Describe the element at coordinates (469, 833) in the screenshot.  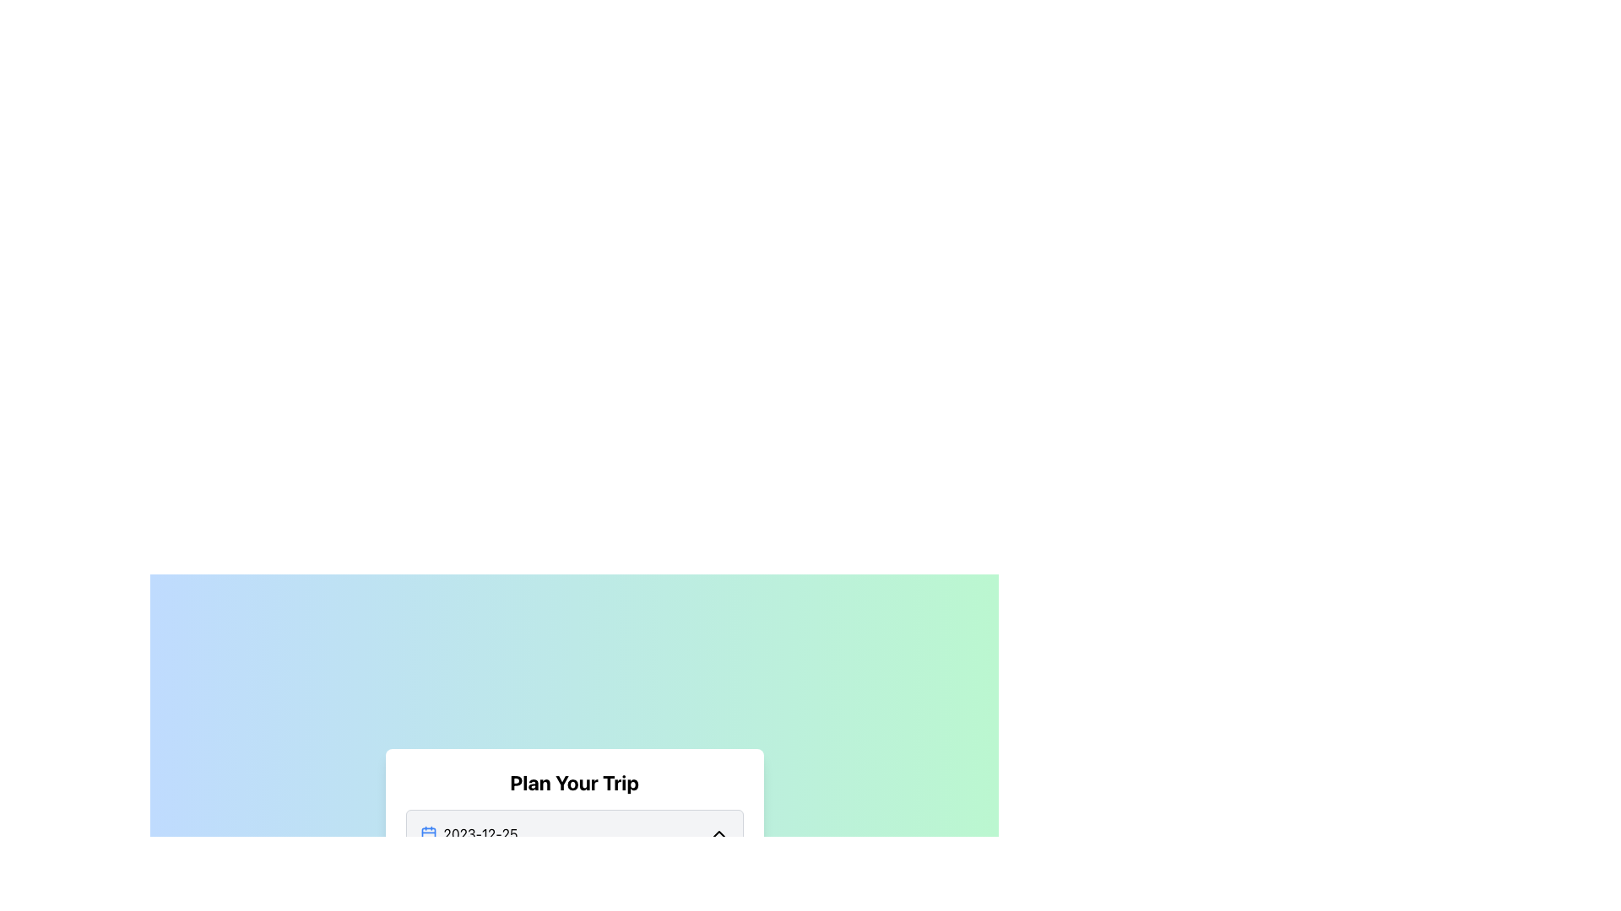
I see `the text display showing the date '2023-12-25'` at that location.